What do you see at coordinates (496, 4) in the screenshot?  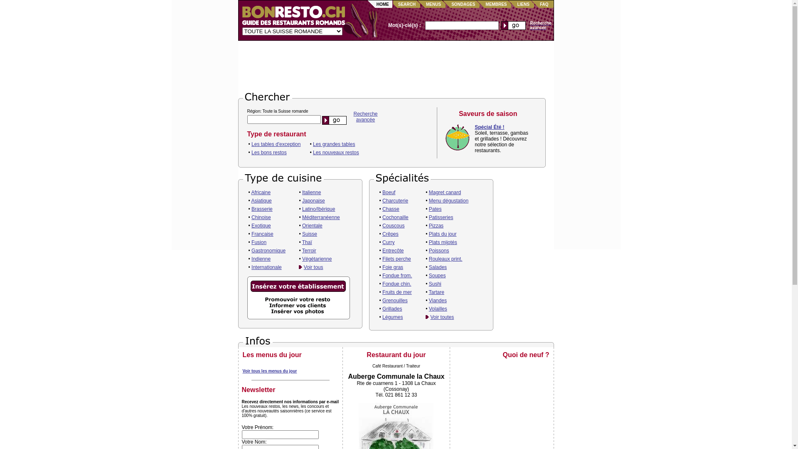 I see `'MEMBRES'` at bounding box center [496, 4].